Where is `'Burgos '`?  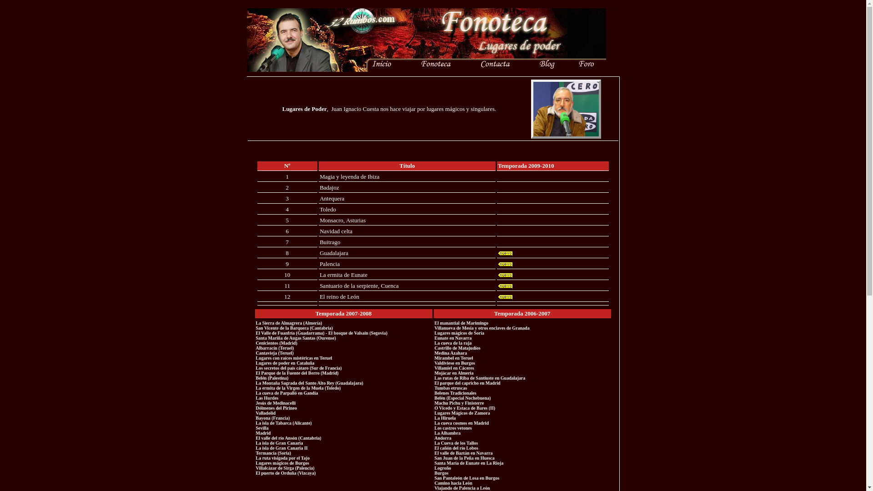 'Burgos ' is located at coordinates (434, 472).